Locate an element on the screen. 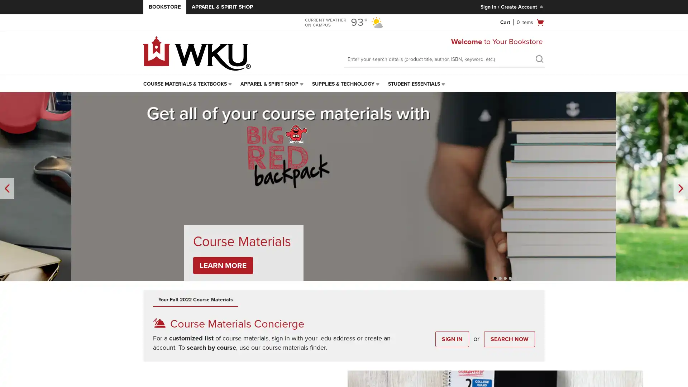  SIGN IN is located at coordinates (452, 339).